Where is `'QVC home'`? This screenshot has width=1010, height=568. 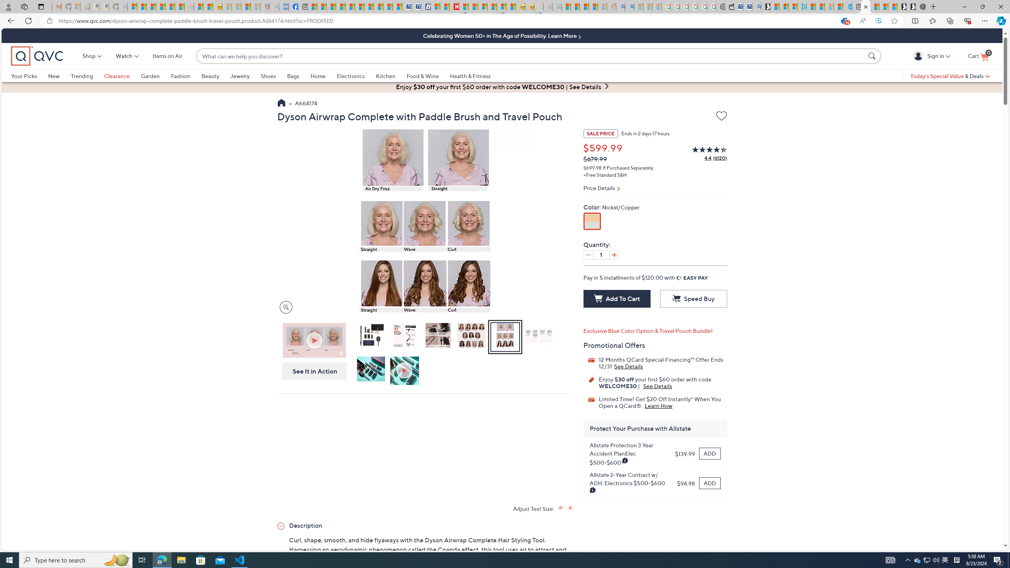 'QVC home' is located at coordinates (37, 56).